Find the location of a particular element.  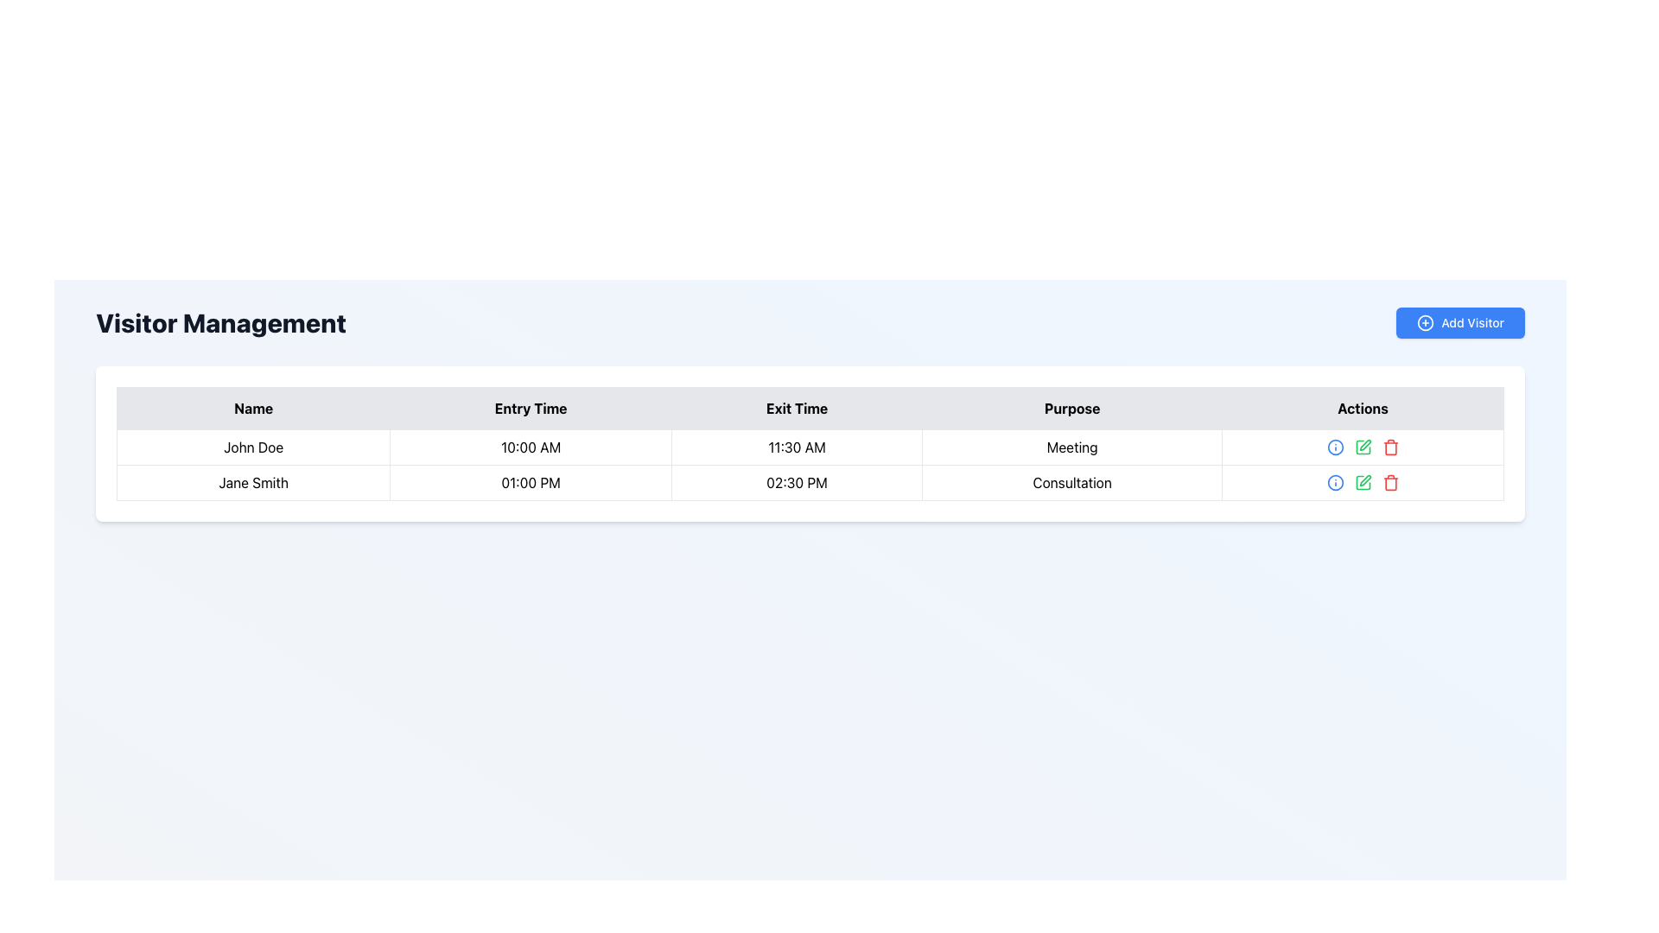

the 'Entry Time' text label, which is the second column header in a five-column table, displaying bold black font on a gray background is located at coordinates (530, 409).